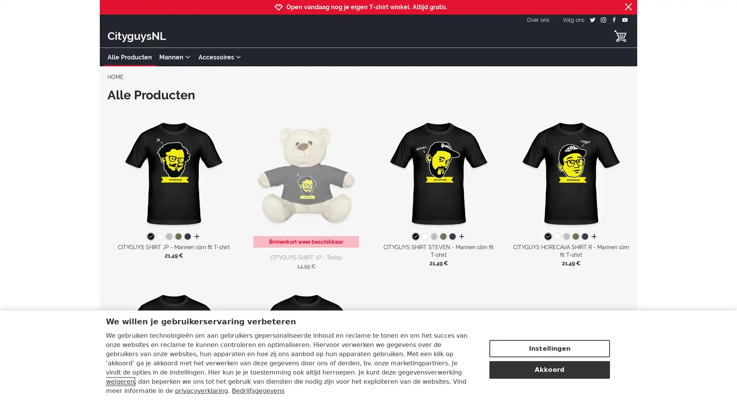 The image size is (737, 414). What do you see at coordinates (433, 237) in the screenshot?
I see `grijs gemeleerd` at bounding box center [433, 237].